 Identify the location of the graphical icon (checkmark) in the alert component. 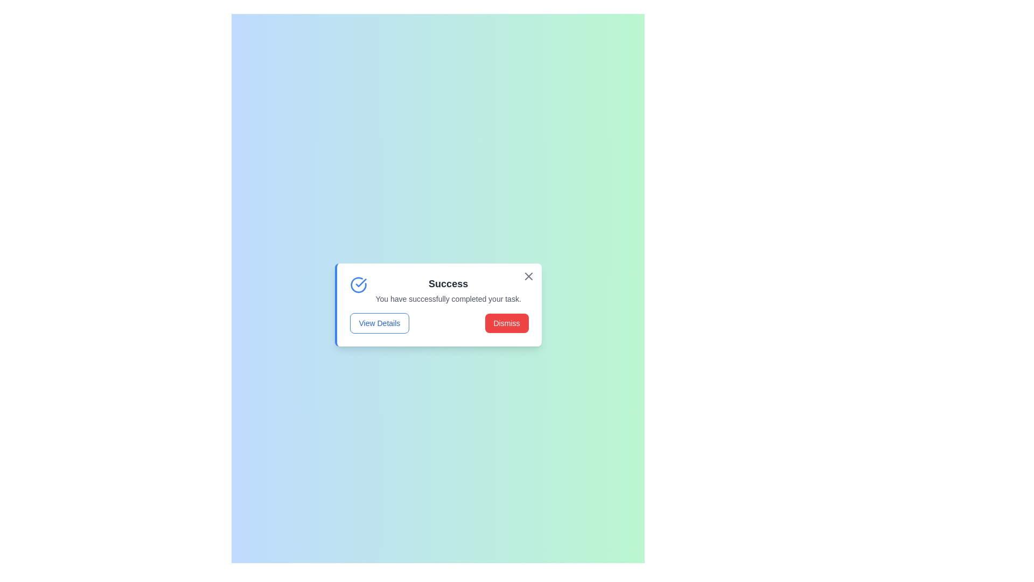
(358, 284).